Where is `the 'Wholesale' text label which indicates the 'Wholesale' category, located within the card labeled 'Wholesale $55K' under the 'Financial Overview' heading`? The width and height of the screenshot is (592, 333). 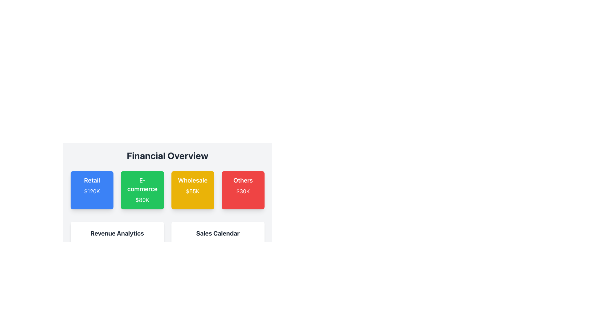
the 'Wholesale' text label which indicates the 'Wholesale' category, located within the card labeled 'Wholesale $55K' under the 'Financial Overview' heading is located at coordinates (192, 180).